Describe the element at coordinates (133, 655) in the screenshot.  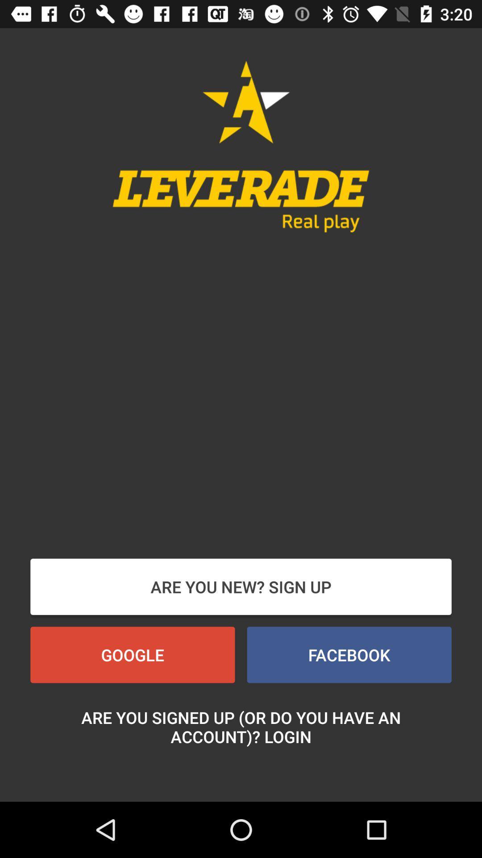
I see `the google button` at that location.